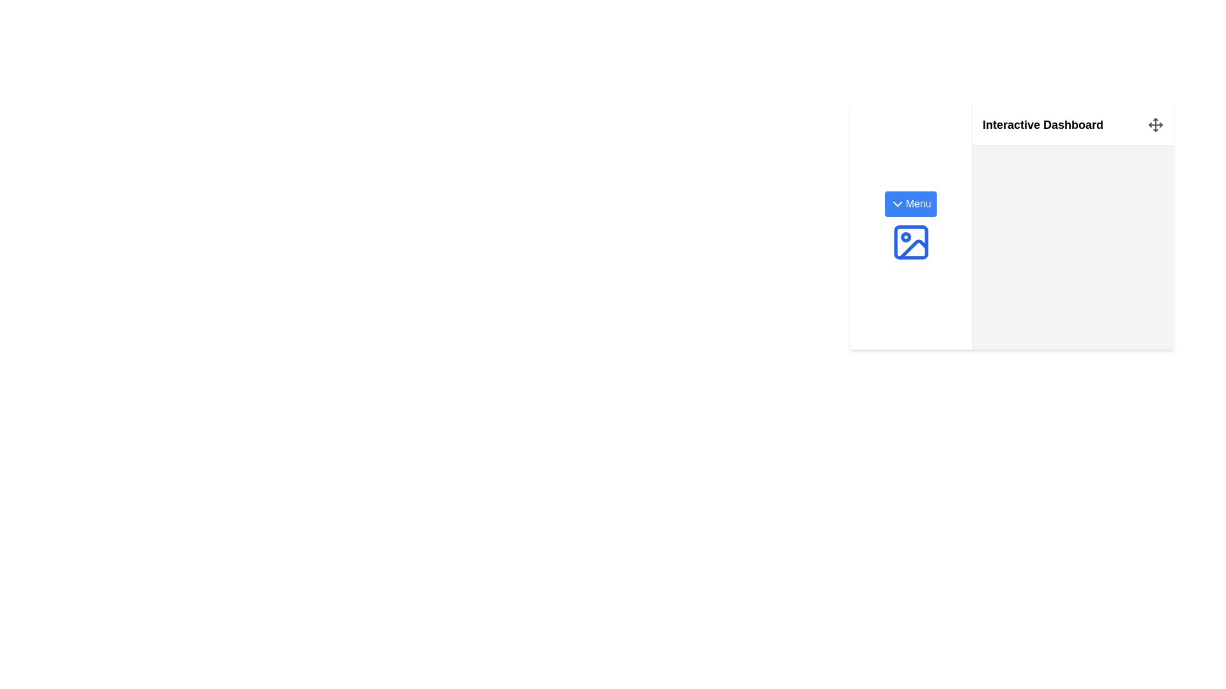 The width and height of the screenshot is (1226, 689). I want to click on the small, circular dot located within the image icon below the 'Menu' button in the left section of the interface, so click(905, 237).